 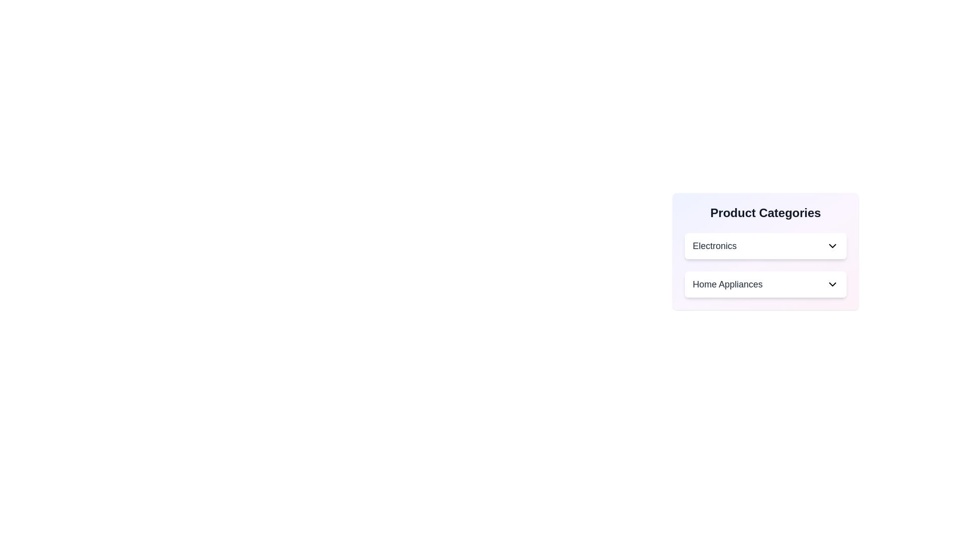 I want to click on the 'Product Categories' heading to potentially trigger an interaction, so click(x=765, y=213).